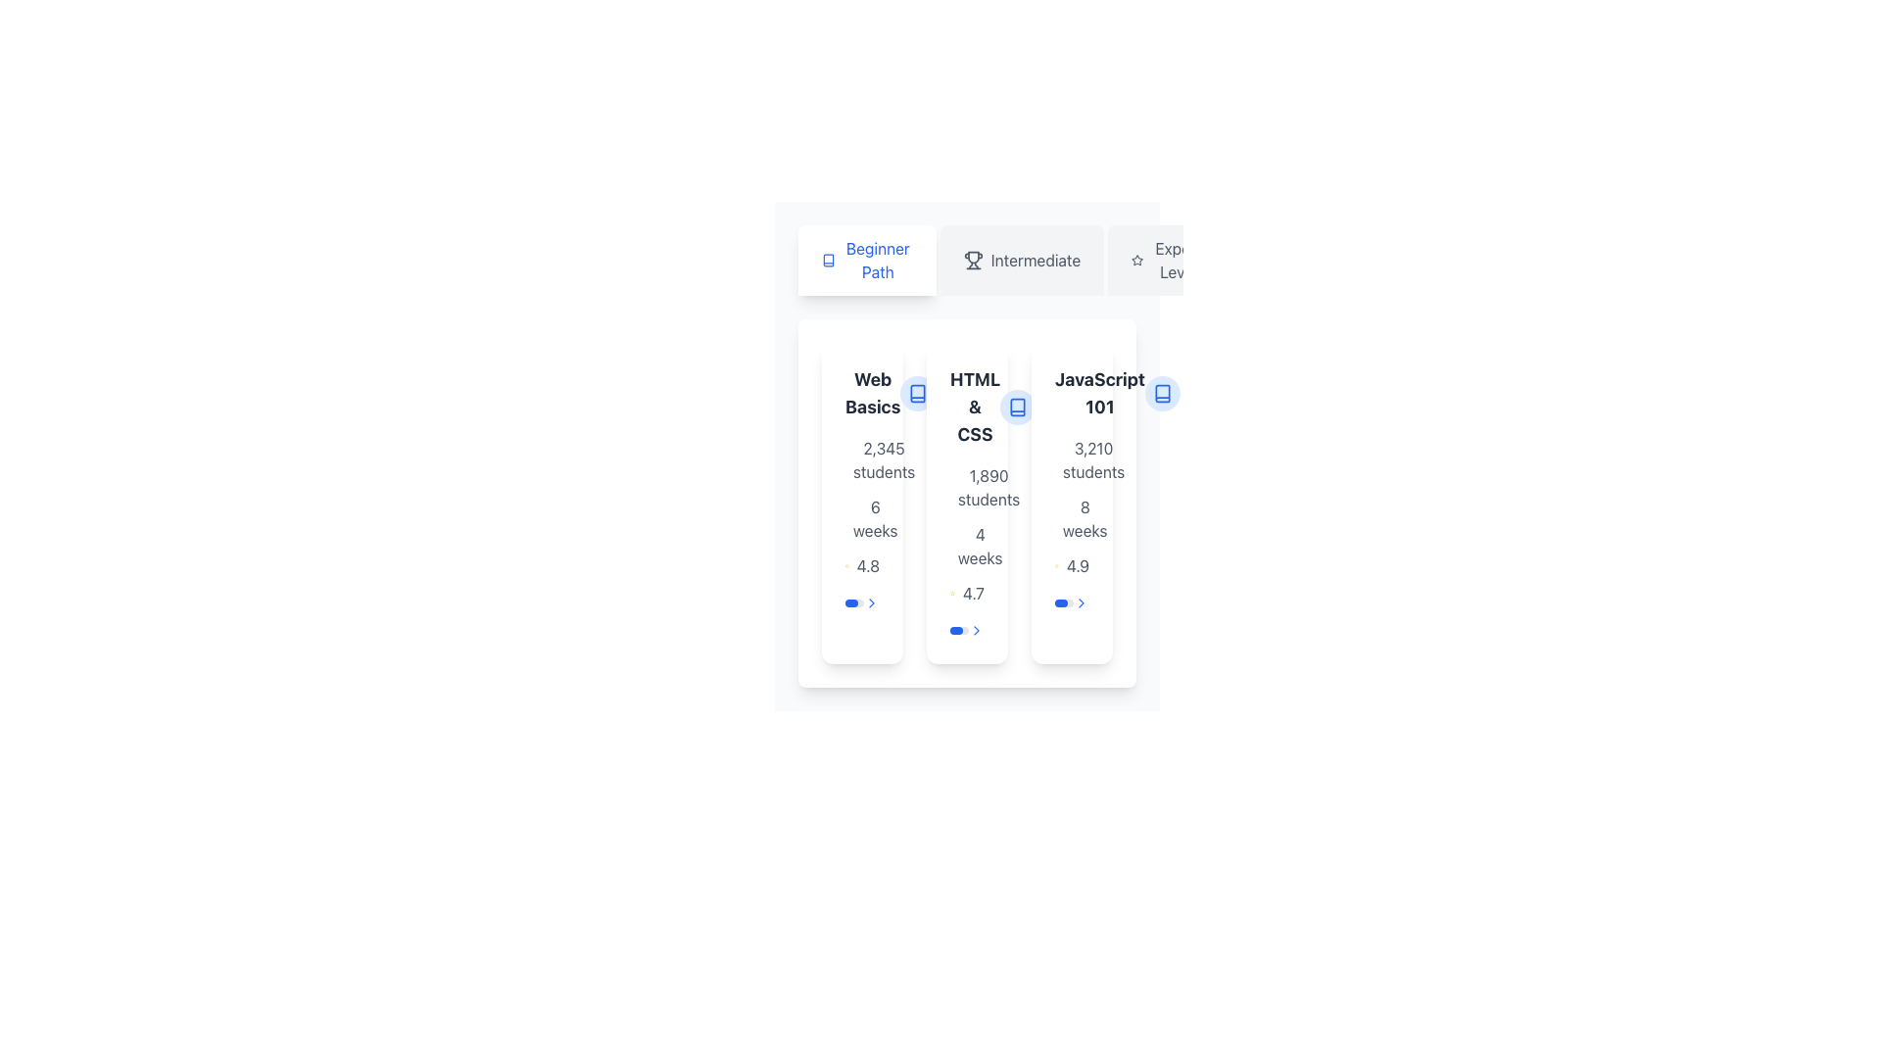 This screenshot has width=1881, height=1058. I want to click on displayed number of students enrolled in the course titled 'Web Basics', which is shown in the Text and icon label located within the card detailing the course, so click(862, 460).